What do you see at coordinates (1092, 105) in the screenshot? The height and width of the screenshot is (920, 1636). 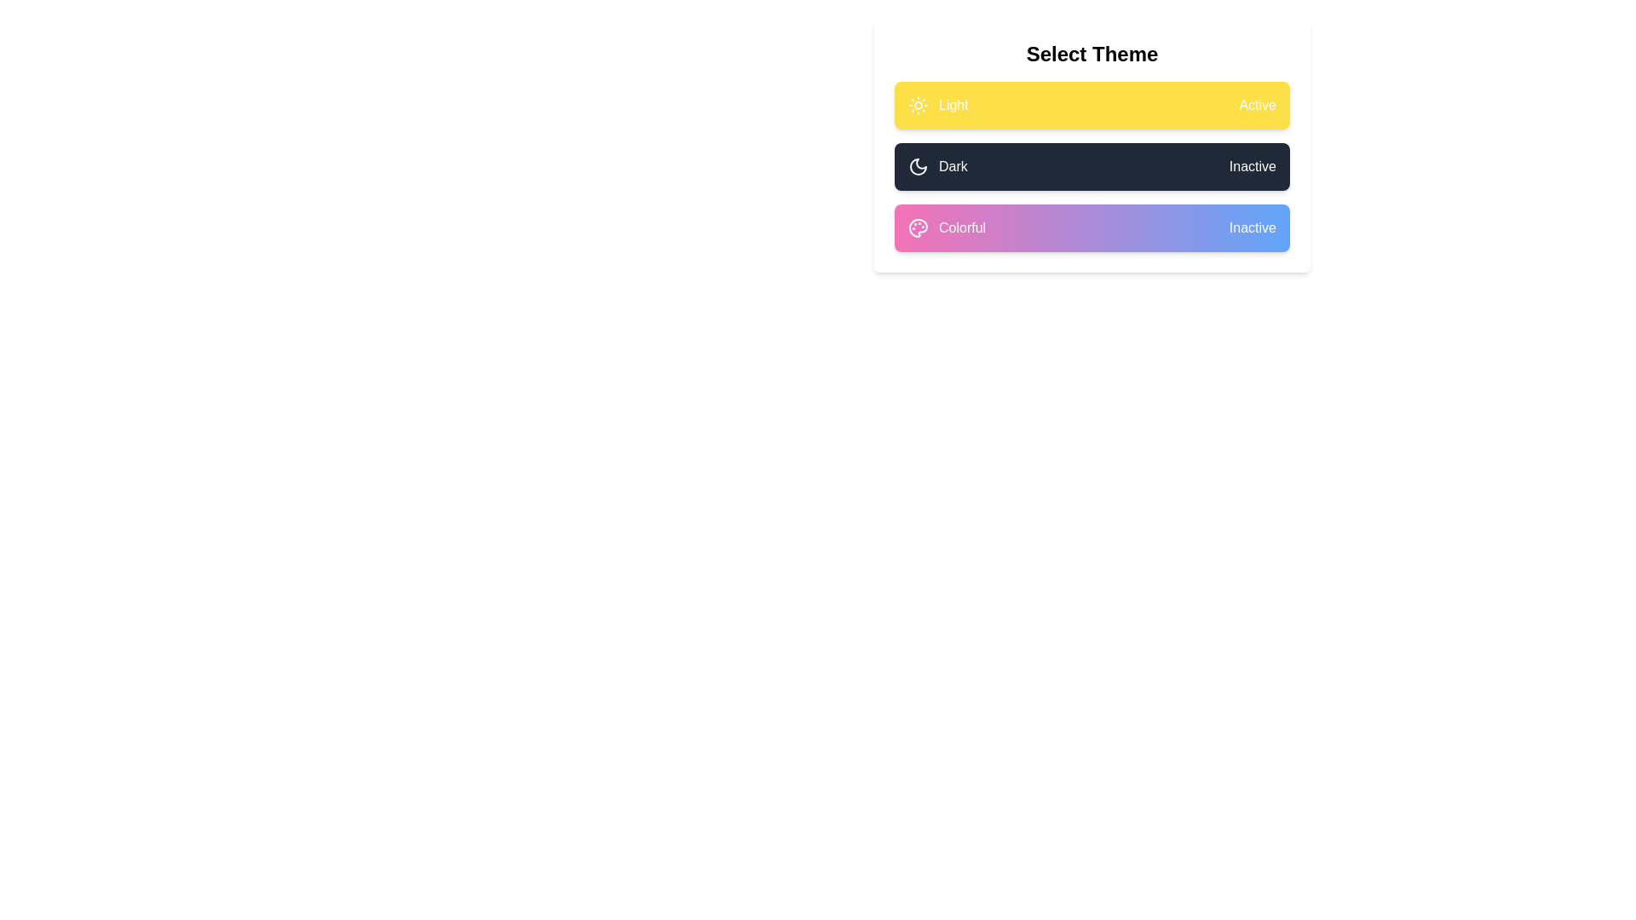 I see `the label and icon for the theme Light` at bounding box center [1092, 105].